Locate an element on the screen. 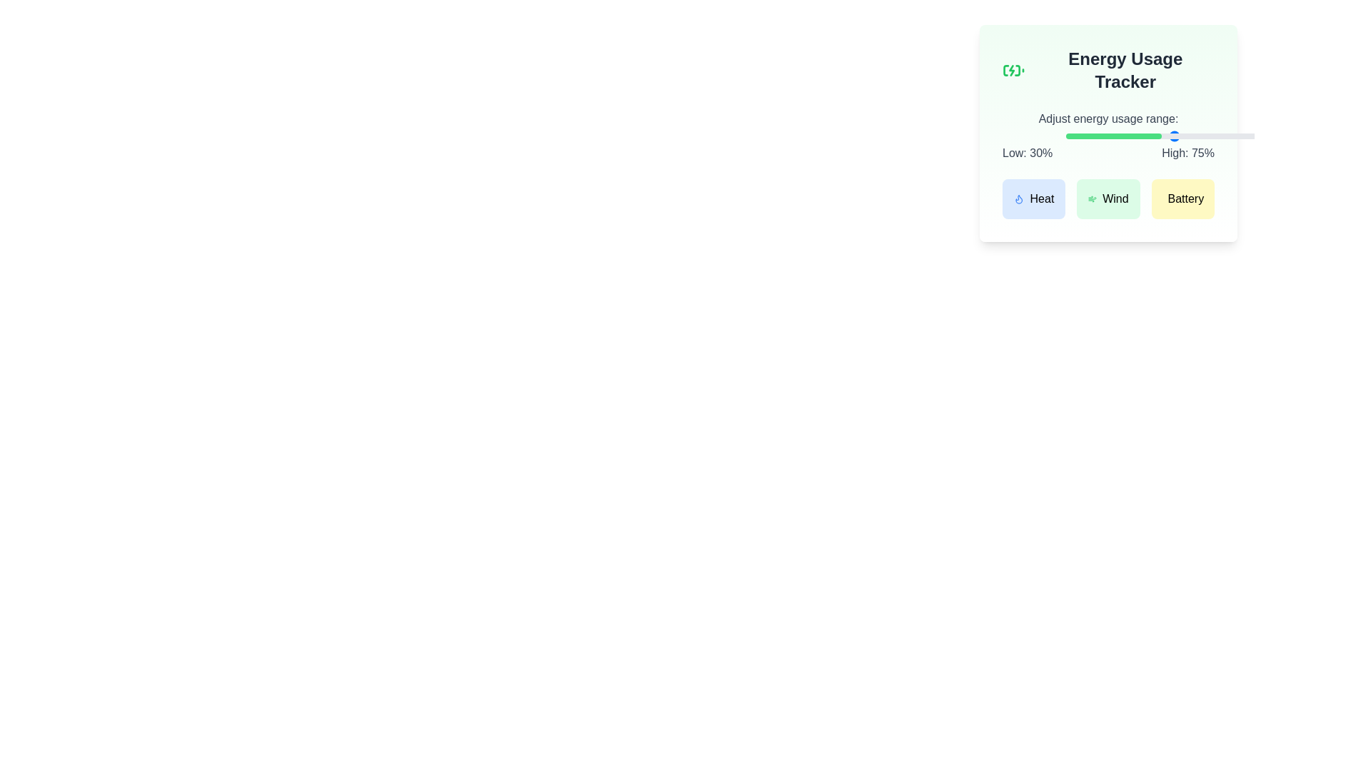 This screenshot has width=1371, height=771. the progress indicator that visually represents the first 30% of the range within the slider component located beneath the 'Adjust energy usage range' text is located at coordinates (1113, 136).